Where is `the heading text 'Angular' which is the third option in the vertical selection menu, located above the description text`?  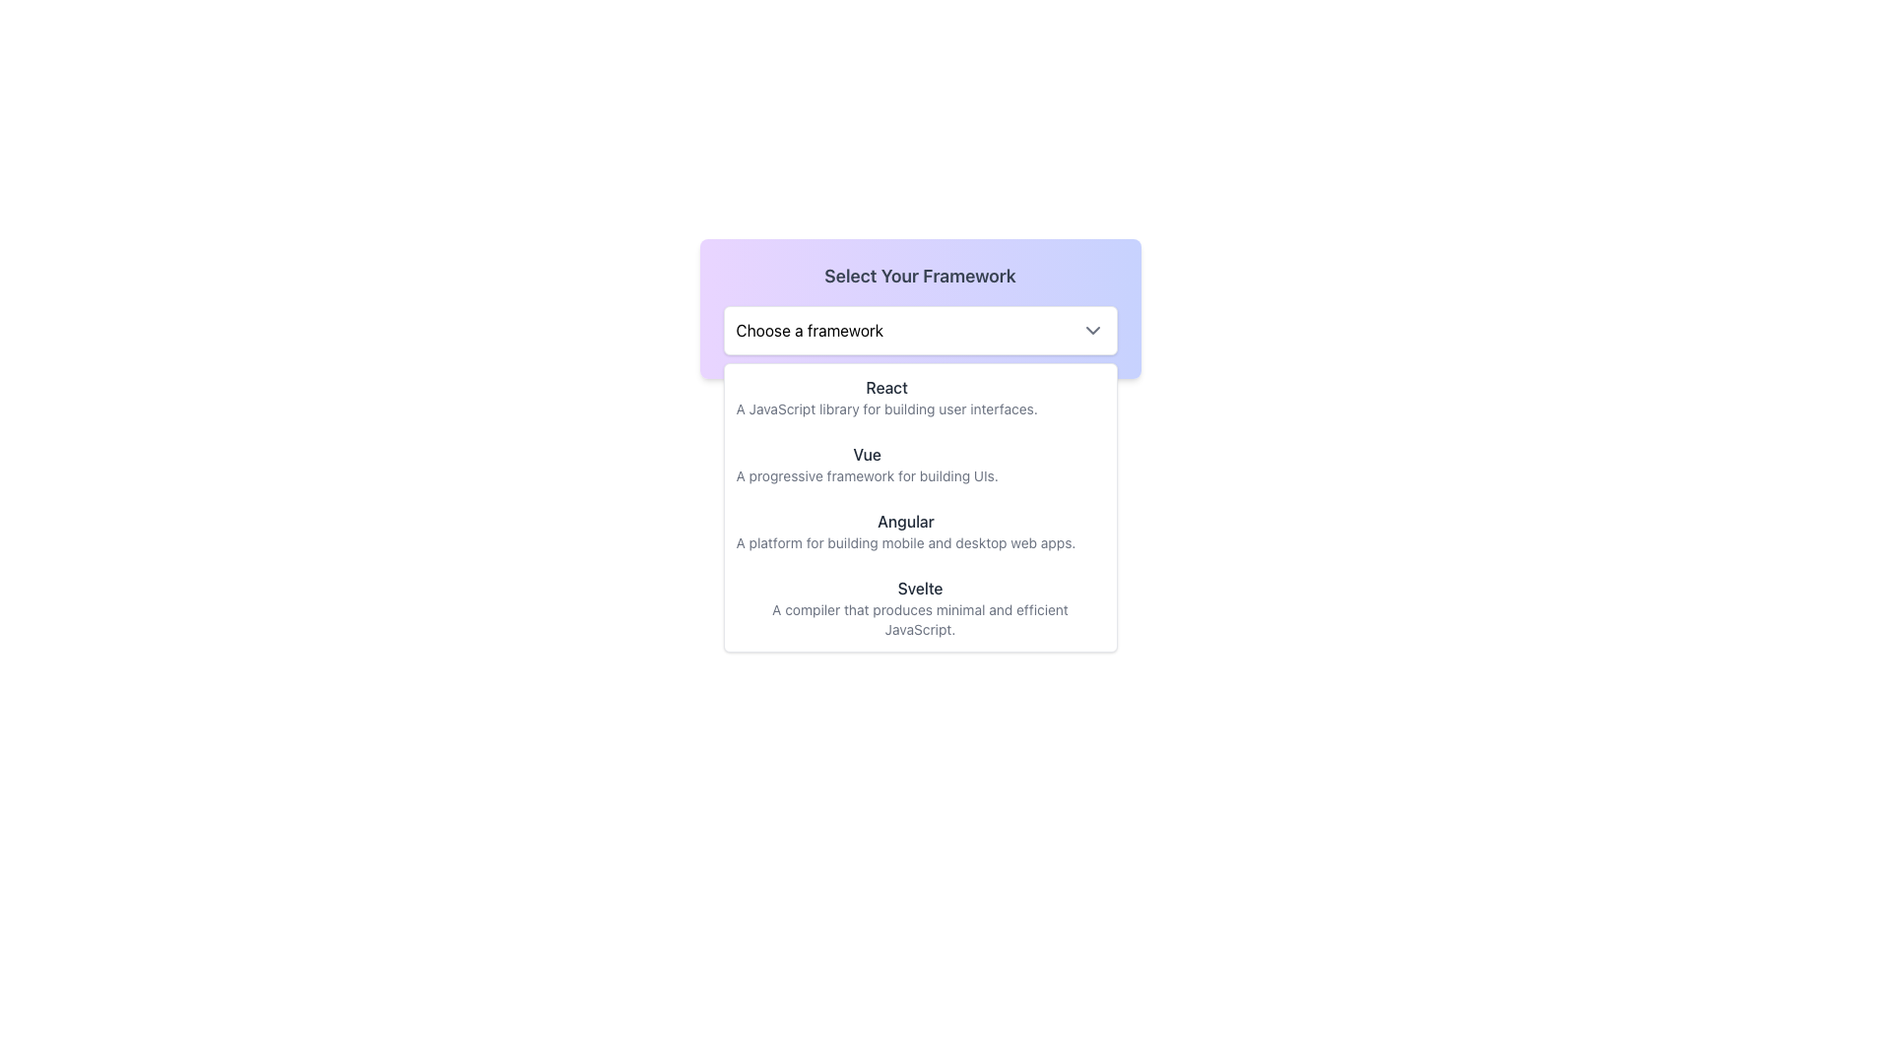
the heading text 'Angular' which is the third option in the vertical selection menu, located above the description text is located at coordinates (904, 520).